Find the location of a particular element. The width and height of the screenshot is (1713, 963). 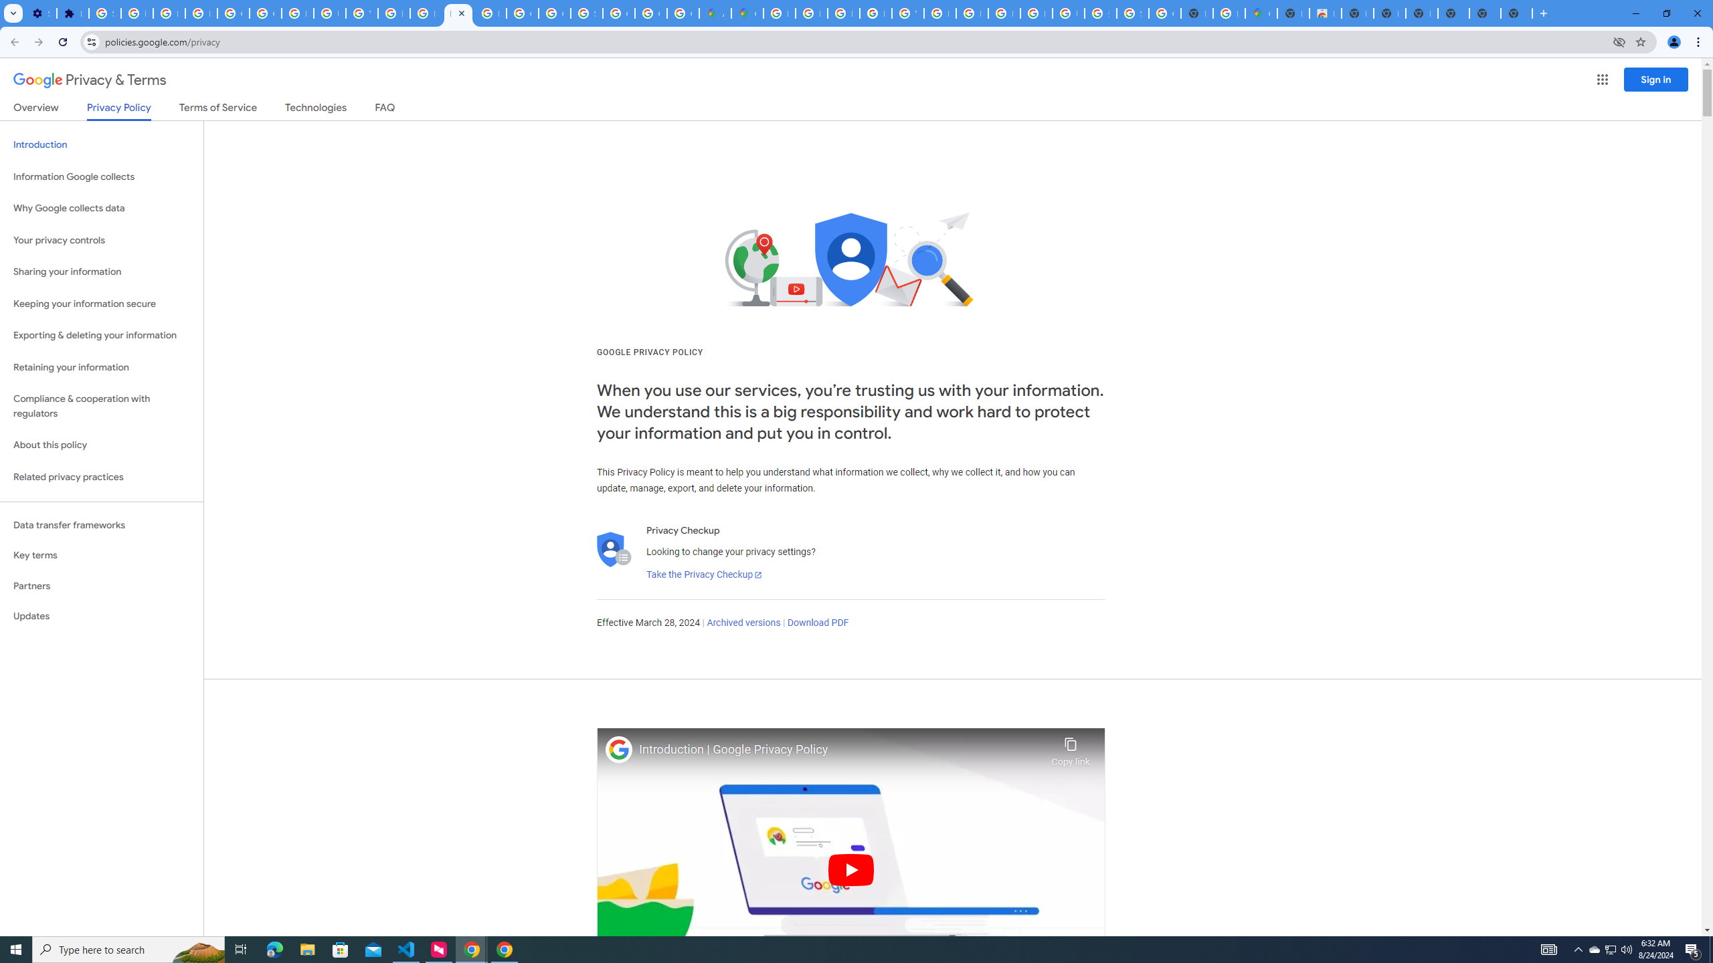

'New Tab' is located at coordinates (1516, 13).